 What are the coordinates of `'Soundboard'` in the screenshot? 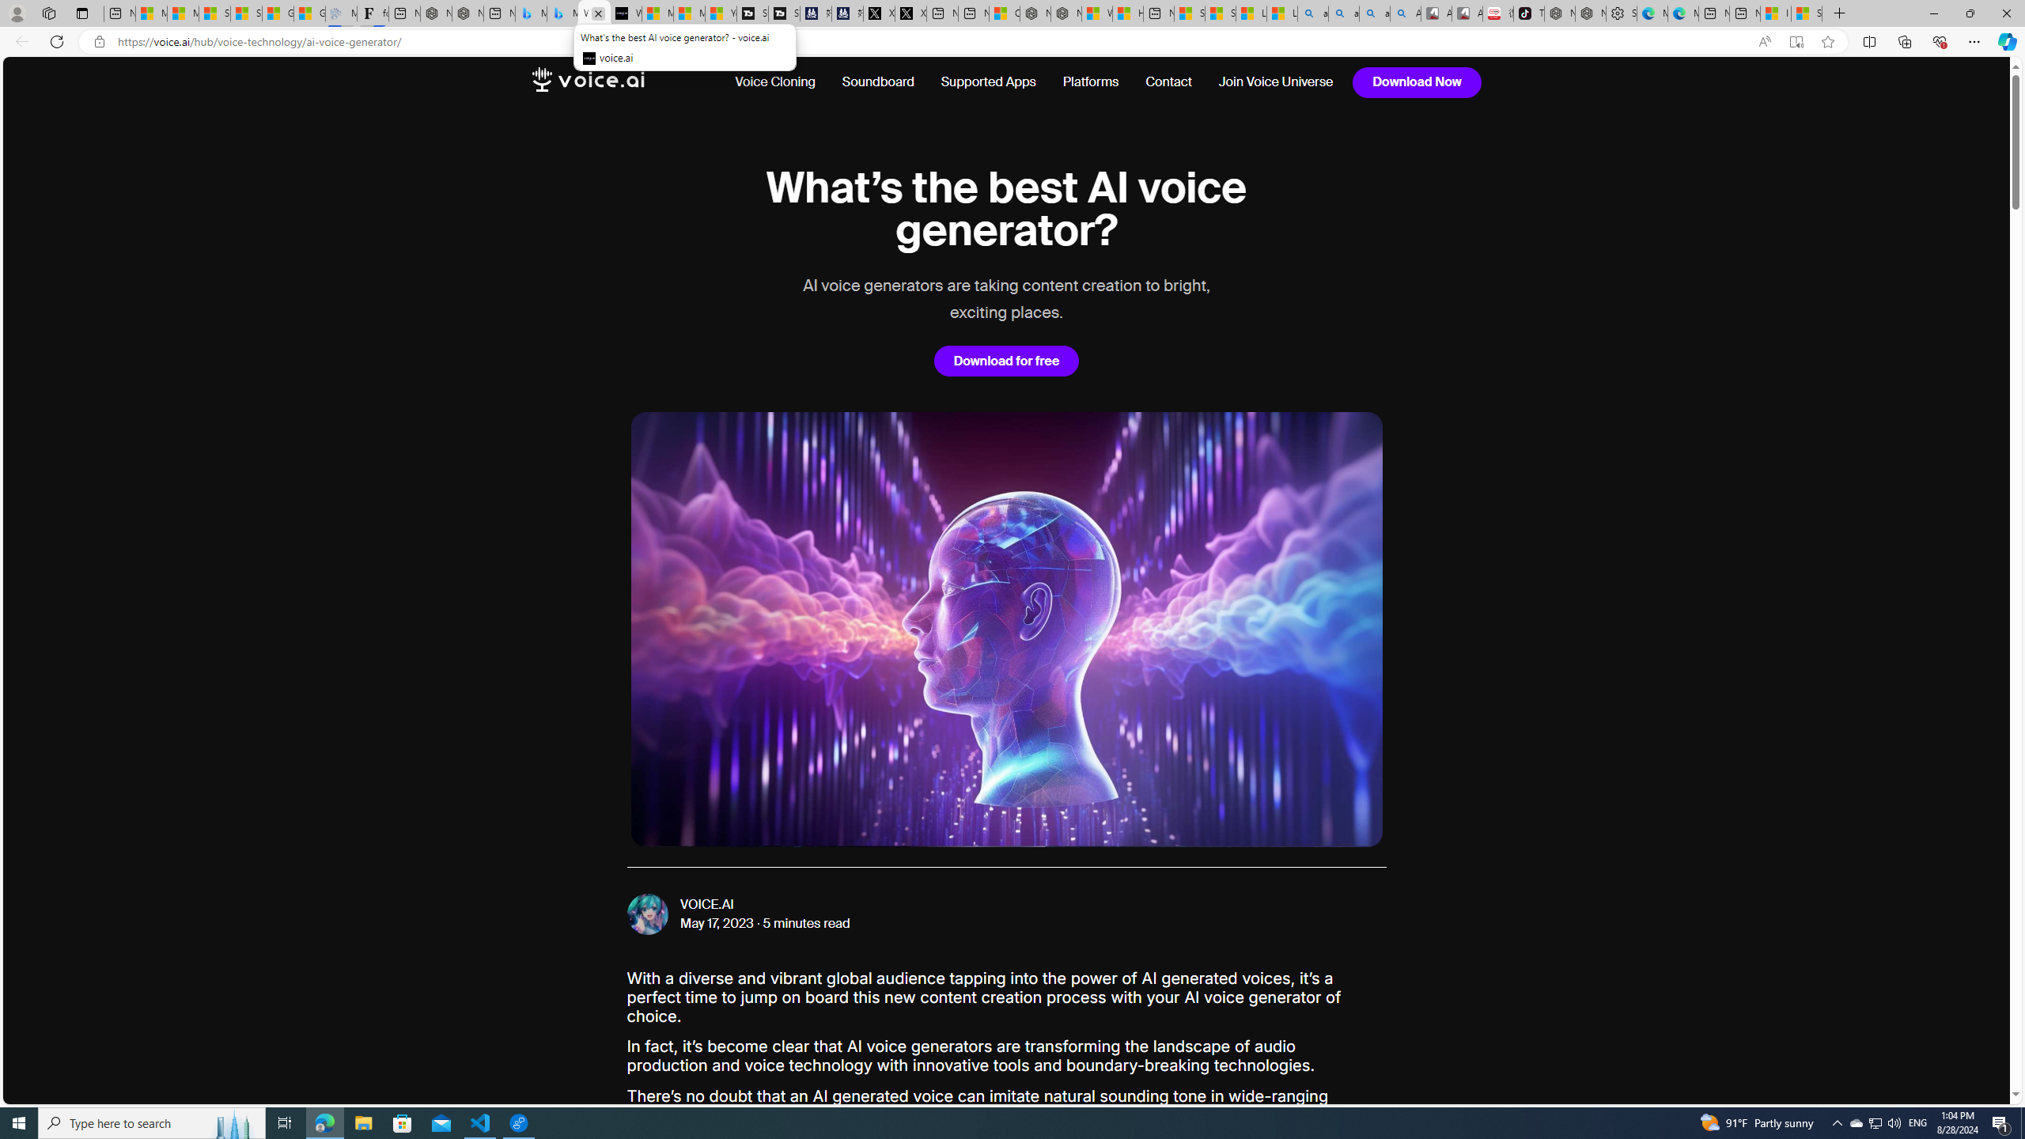 It's located at (876, 81).